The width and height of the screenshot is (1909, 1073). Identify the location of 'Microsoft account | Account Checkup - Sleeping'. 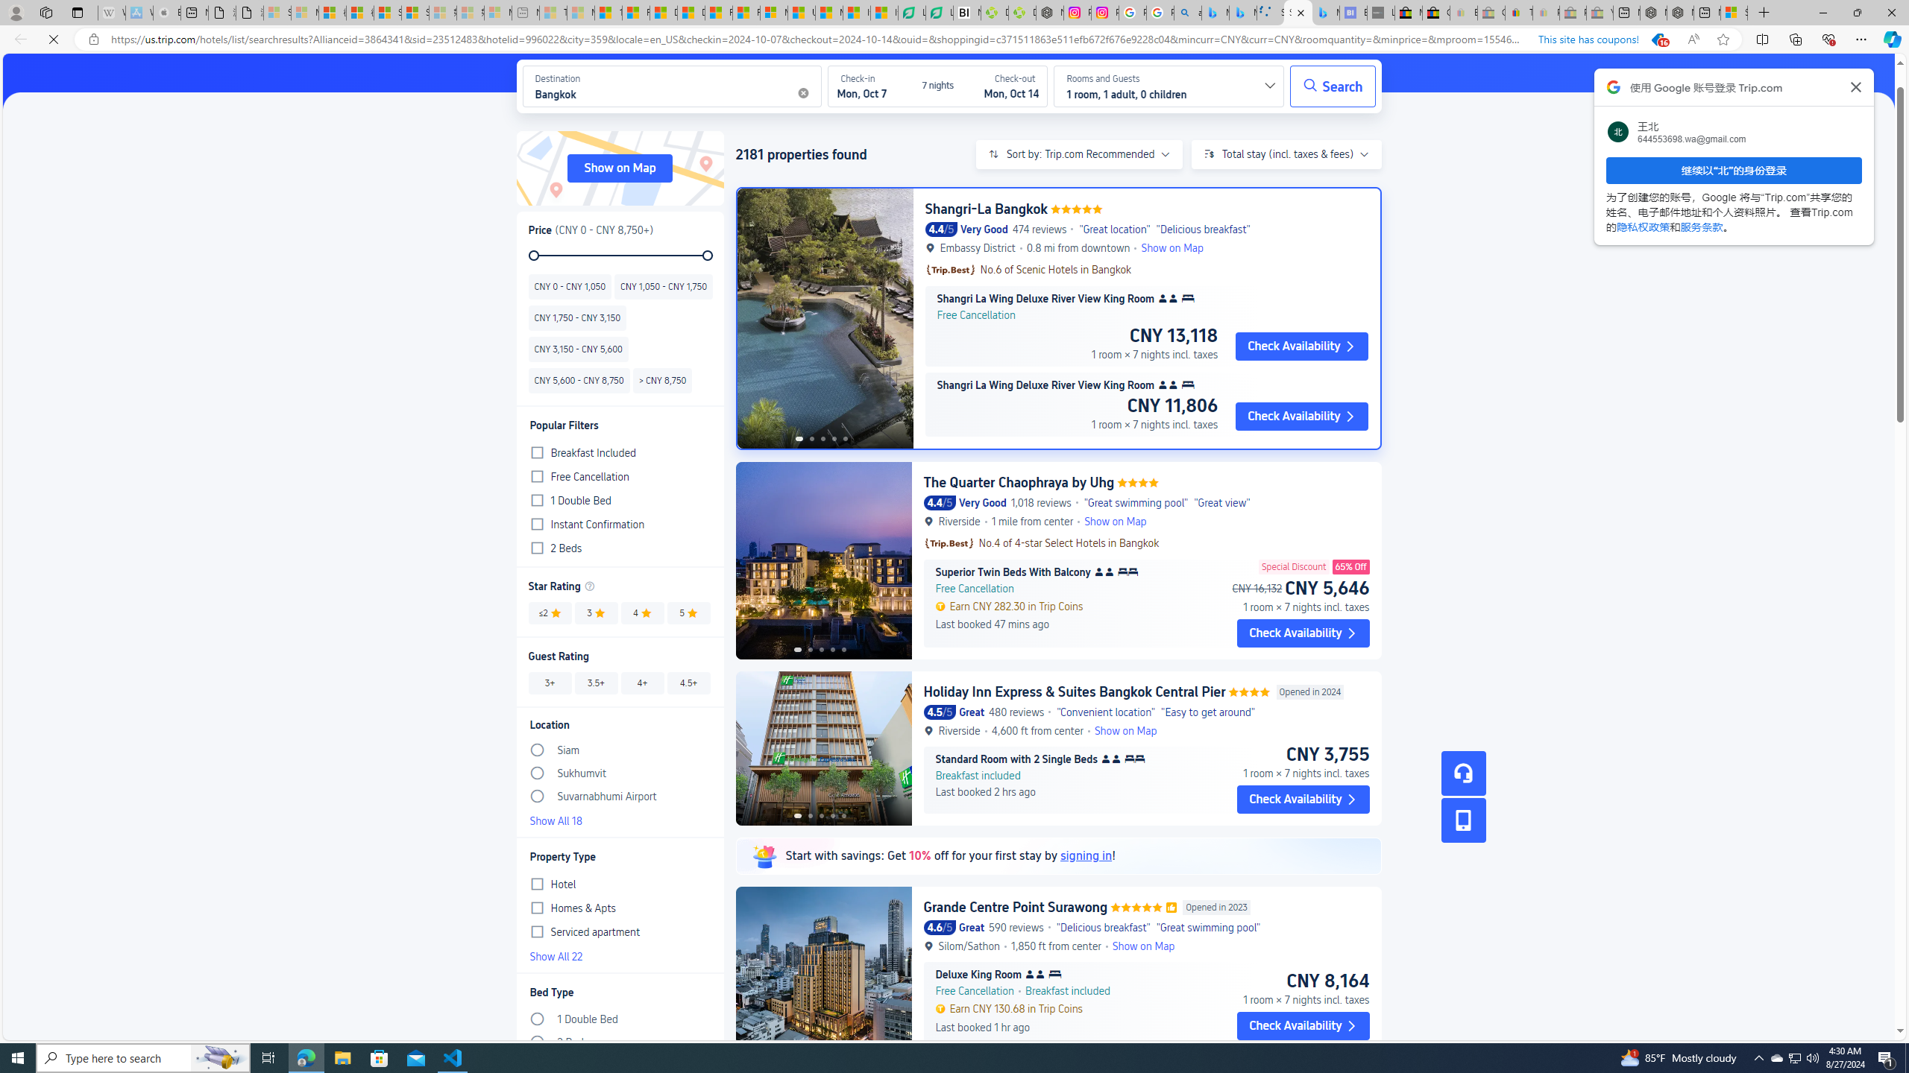
(496, 12).